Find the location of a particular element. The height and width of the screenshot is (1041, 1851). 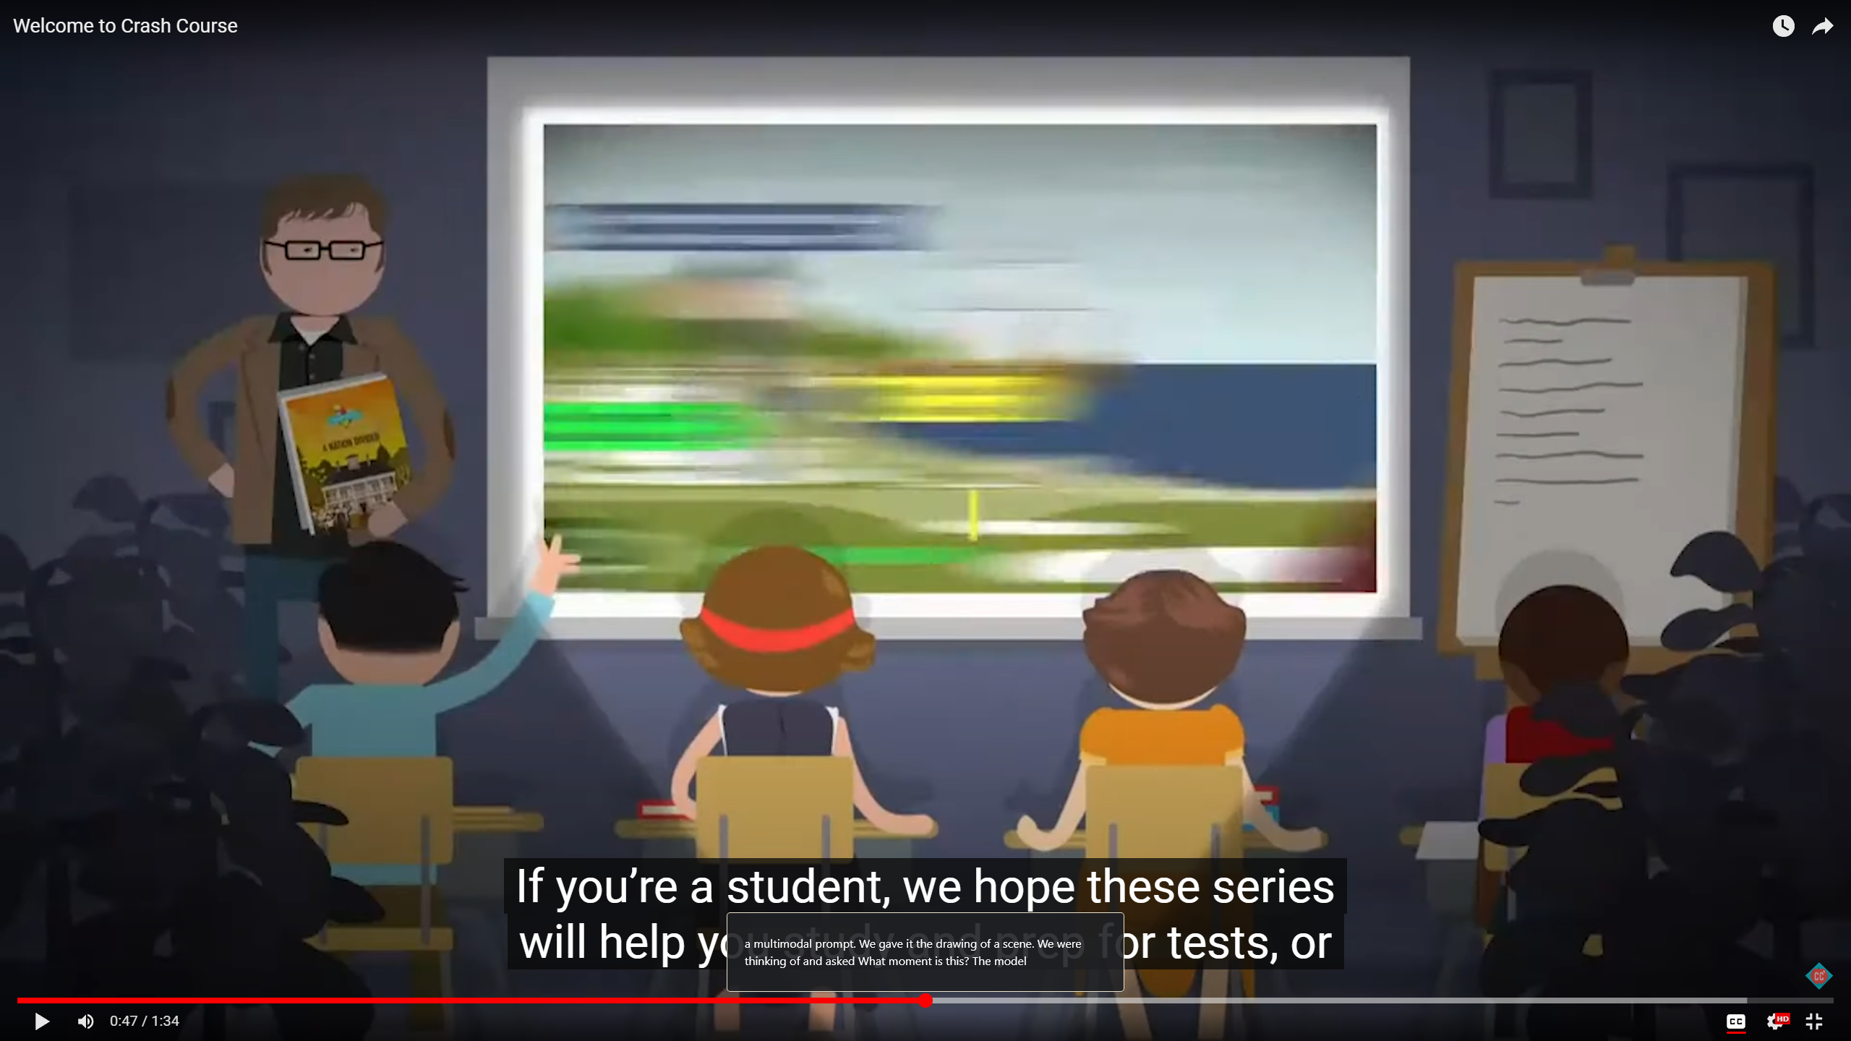

'Channel watermark' is located at coordinates (1818, 975).